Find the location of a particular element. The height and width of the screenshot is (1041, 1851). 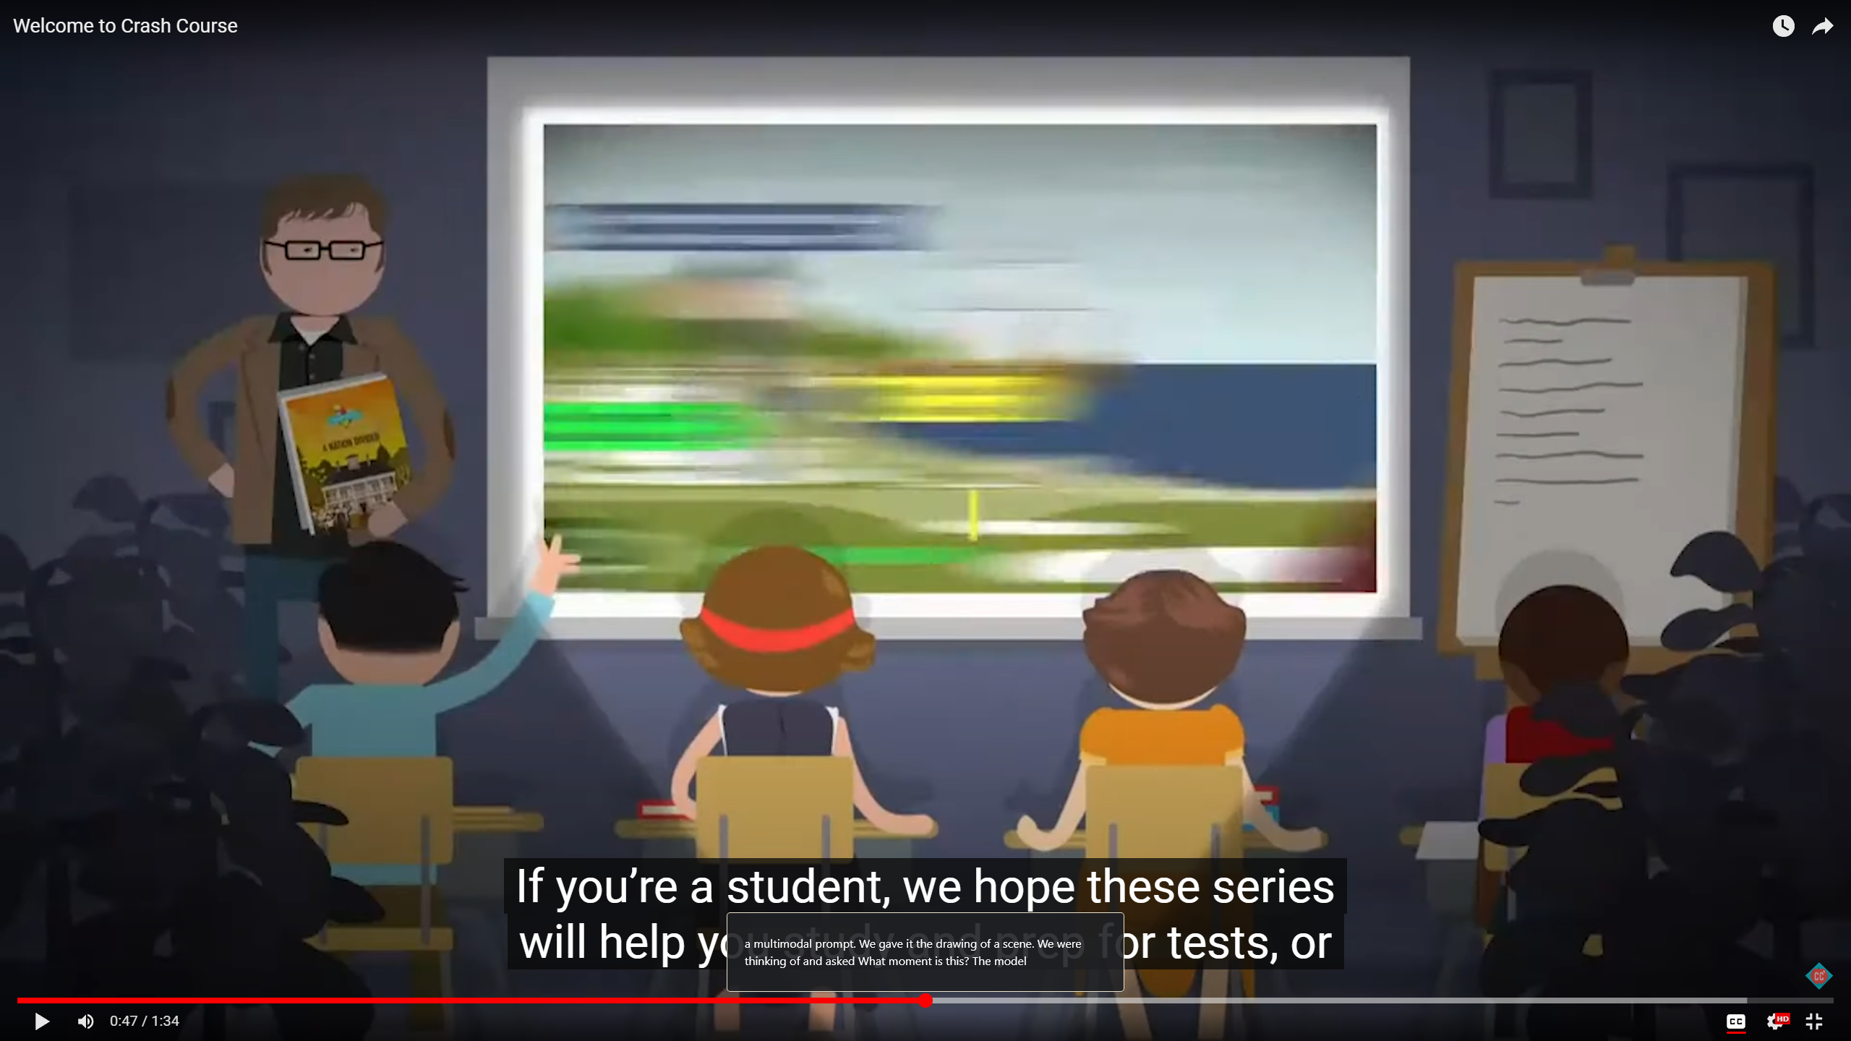

'Channel watermark' is located at coordinates (1818, 975).